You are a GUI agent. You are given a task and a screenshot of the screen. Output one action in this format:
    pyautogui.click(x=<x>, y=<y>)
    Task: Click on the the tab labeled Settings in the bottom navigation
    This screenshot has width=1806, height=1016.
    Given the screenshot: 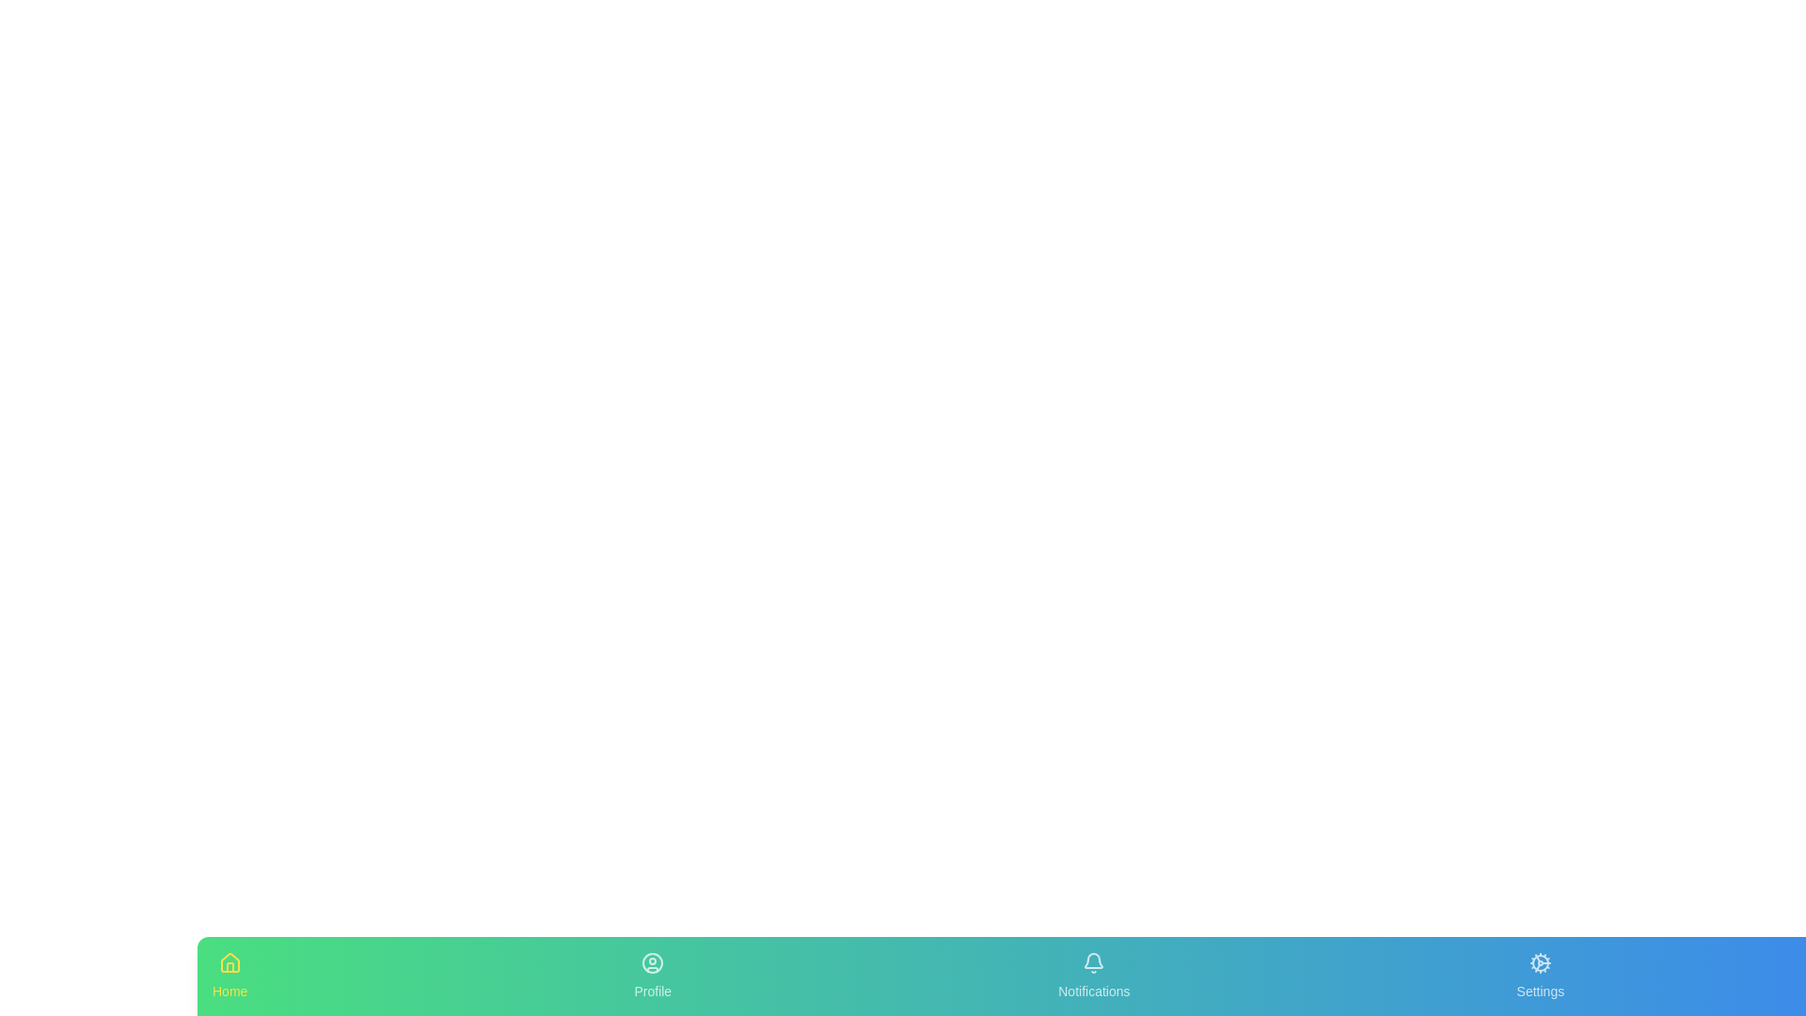 What is the action you would take?
    pyautogui.click(x=1540, y=975)
    